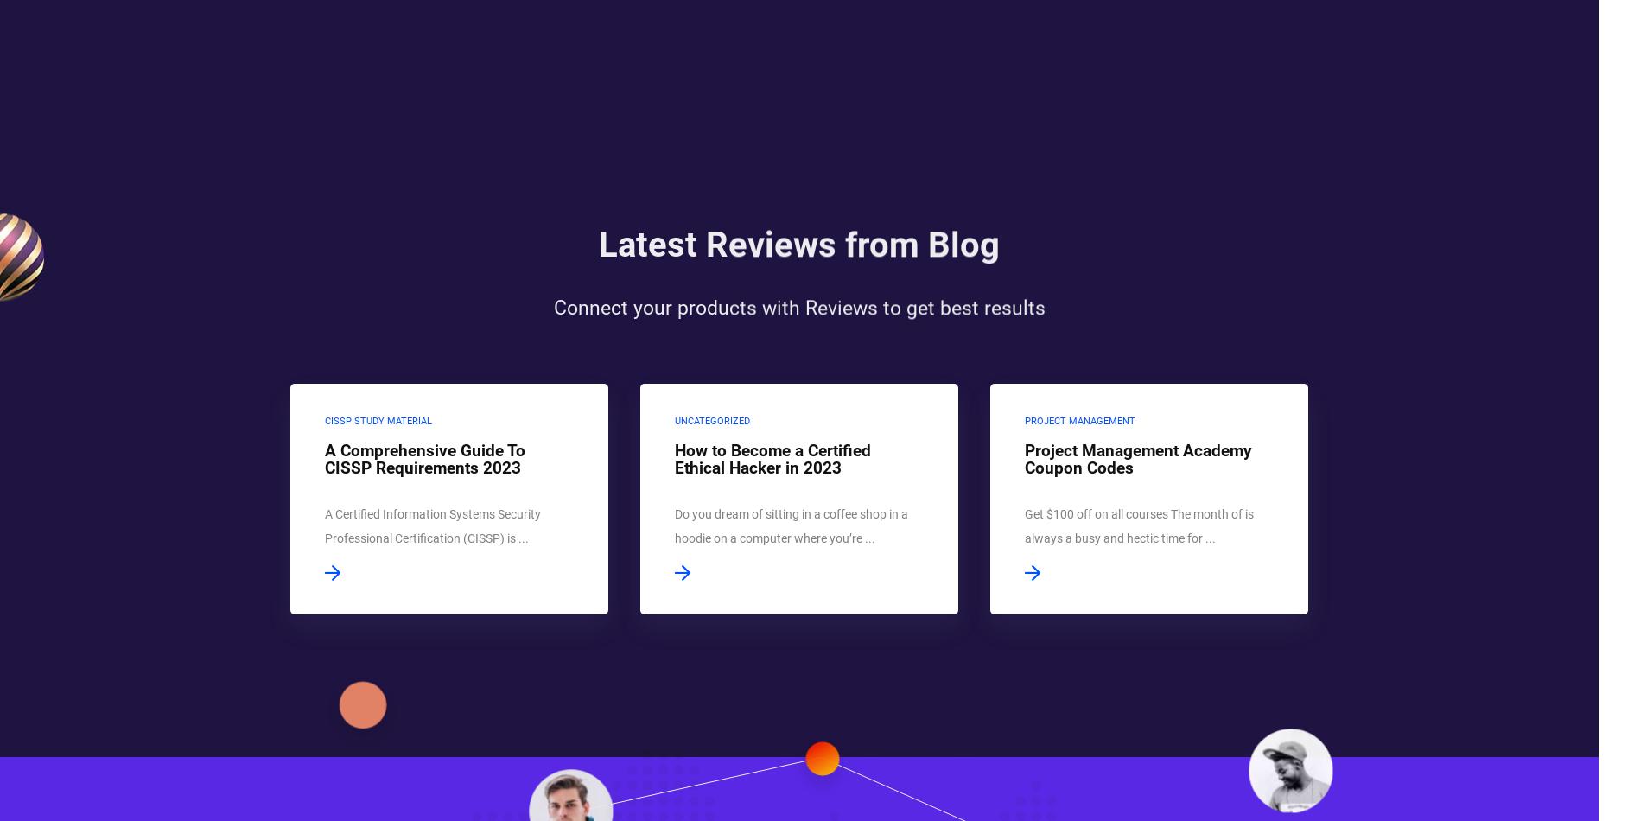  What do you see at coordinates (424, 459) in the screenshot?
I see `'A Comprehensive Guide To CISSP Requirements  2023'` at bounding box center [424, 459].